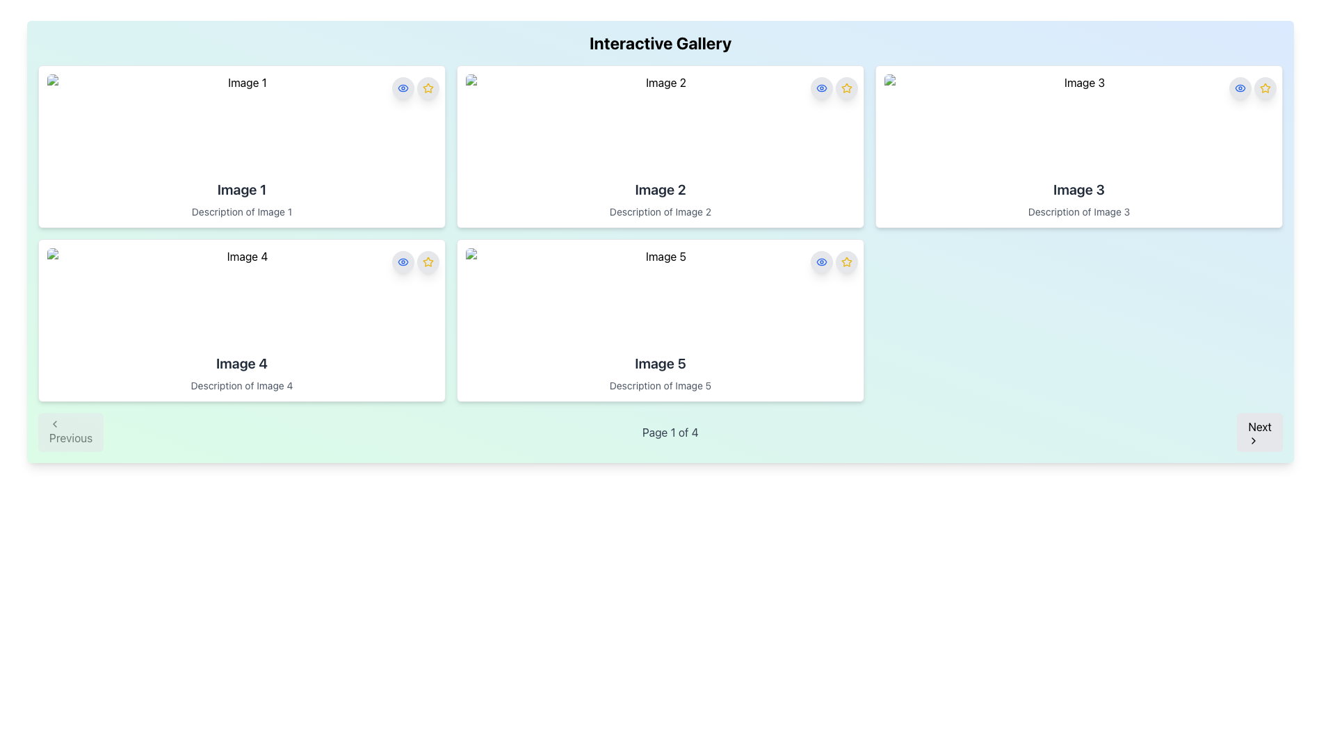 Image resolution: width=1335 pixels, height=751 pixels. What do you see at coordinates (241, 190) in the screenshot?
I see `text content of the 'Image 1' label, which is a bold text label located in the top left quadrant of the interface` at bounding box center [241, 190].